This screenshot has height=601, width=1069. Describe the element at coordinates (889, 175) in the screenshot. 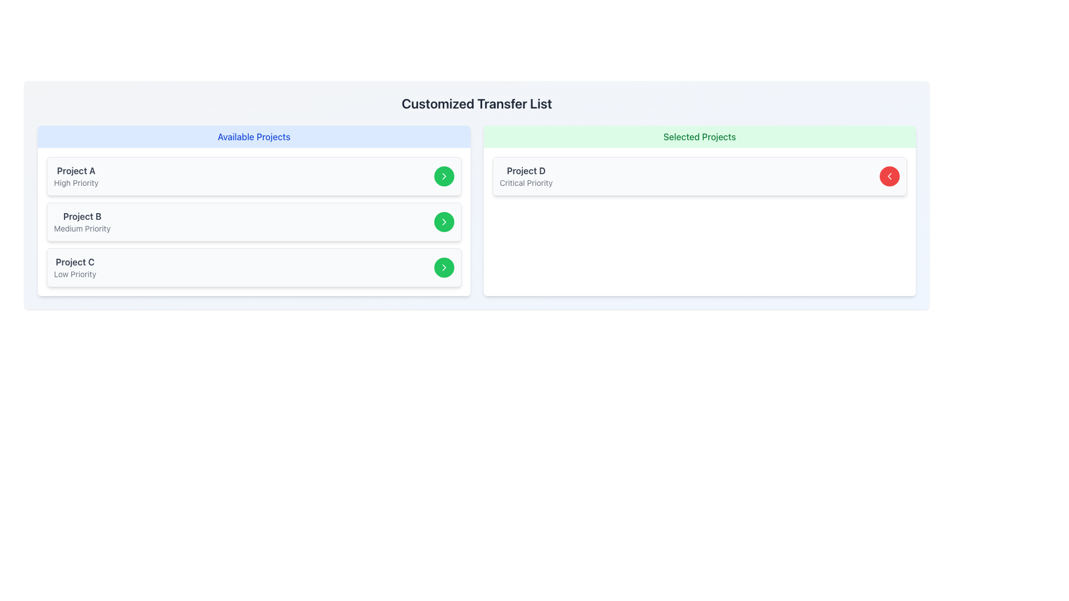

I see `the red circular button with a white chevron arrow pointing left, located in the 'Selected Projects' section next to 'Project D - Critical Priority'` at that location.